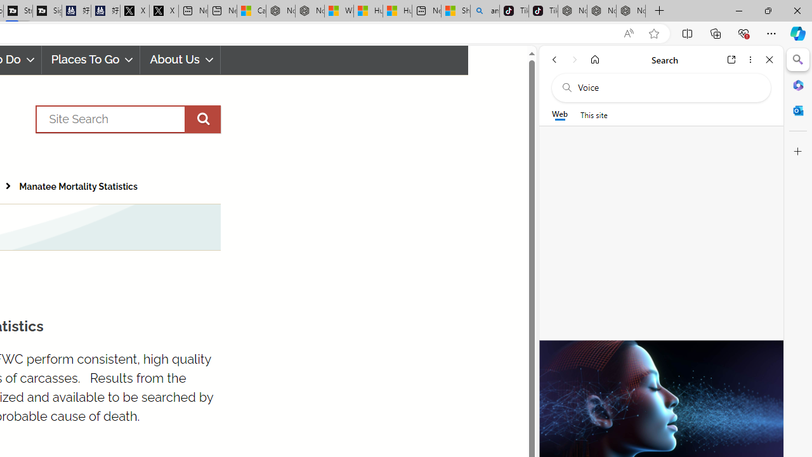 The height and width of the screenshot is (457, 812). I want to click on 'Browser essentials', so click(743, 32).